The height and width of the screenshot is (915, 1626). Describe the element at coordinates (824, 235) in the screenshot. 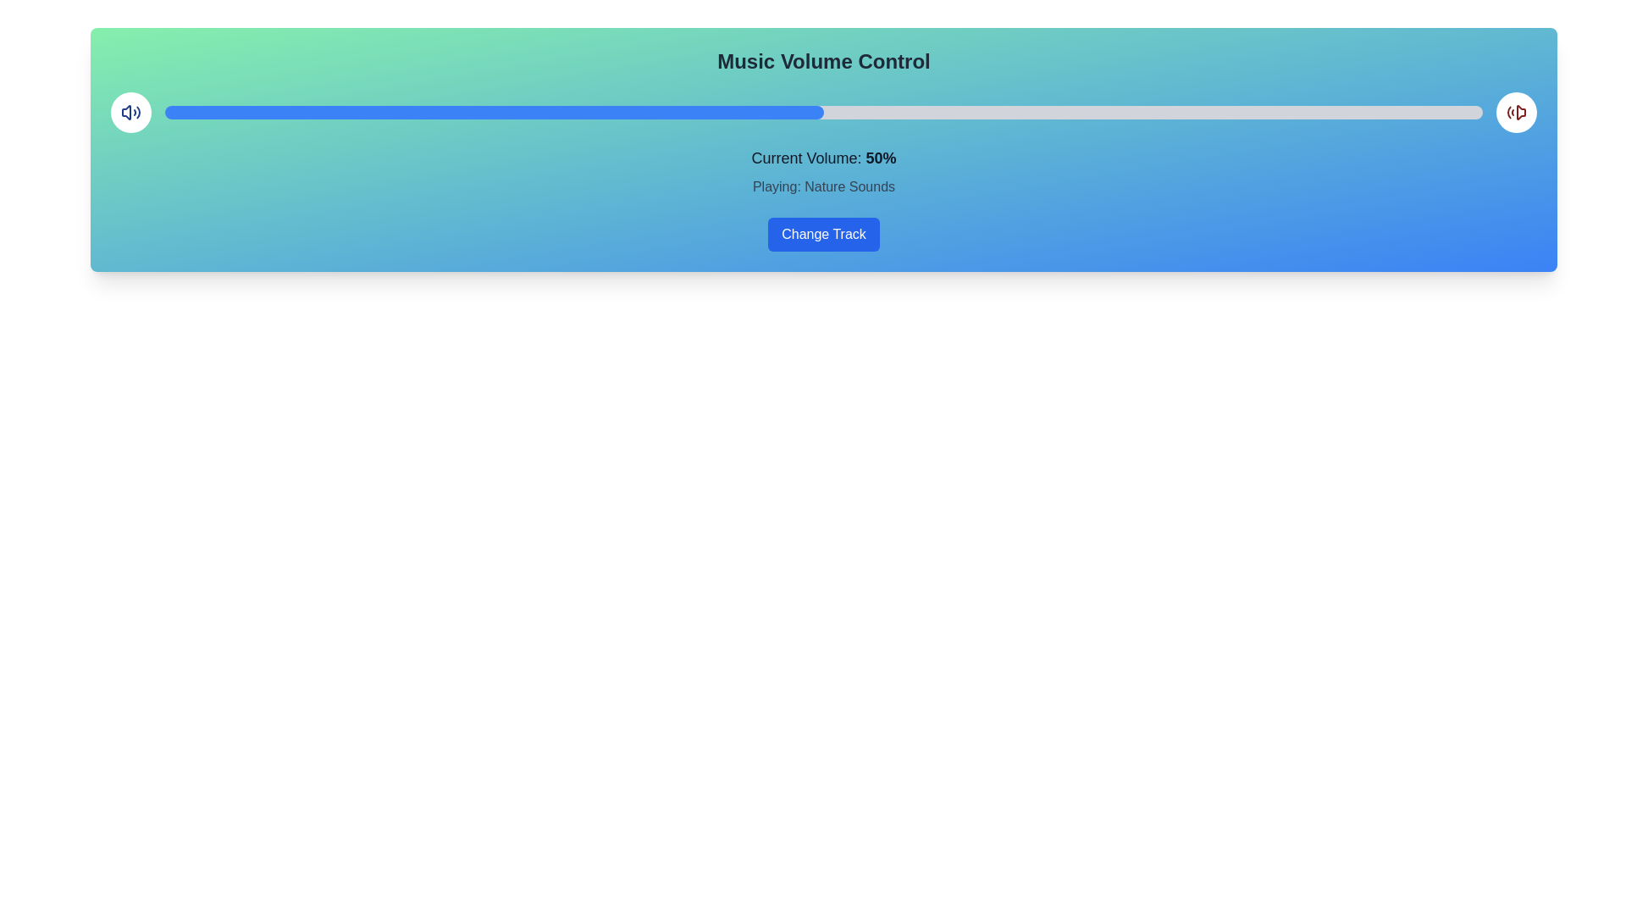

I see `the button located centrally below the text 'Playing: Nature Sounds' to activate hover styling` at that location.